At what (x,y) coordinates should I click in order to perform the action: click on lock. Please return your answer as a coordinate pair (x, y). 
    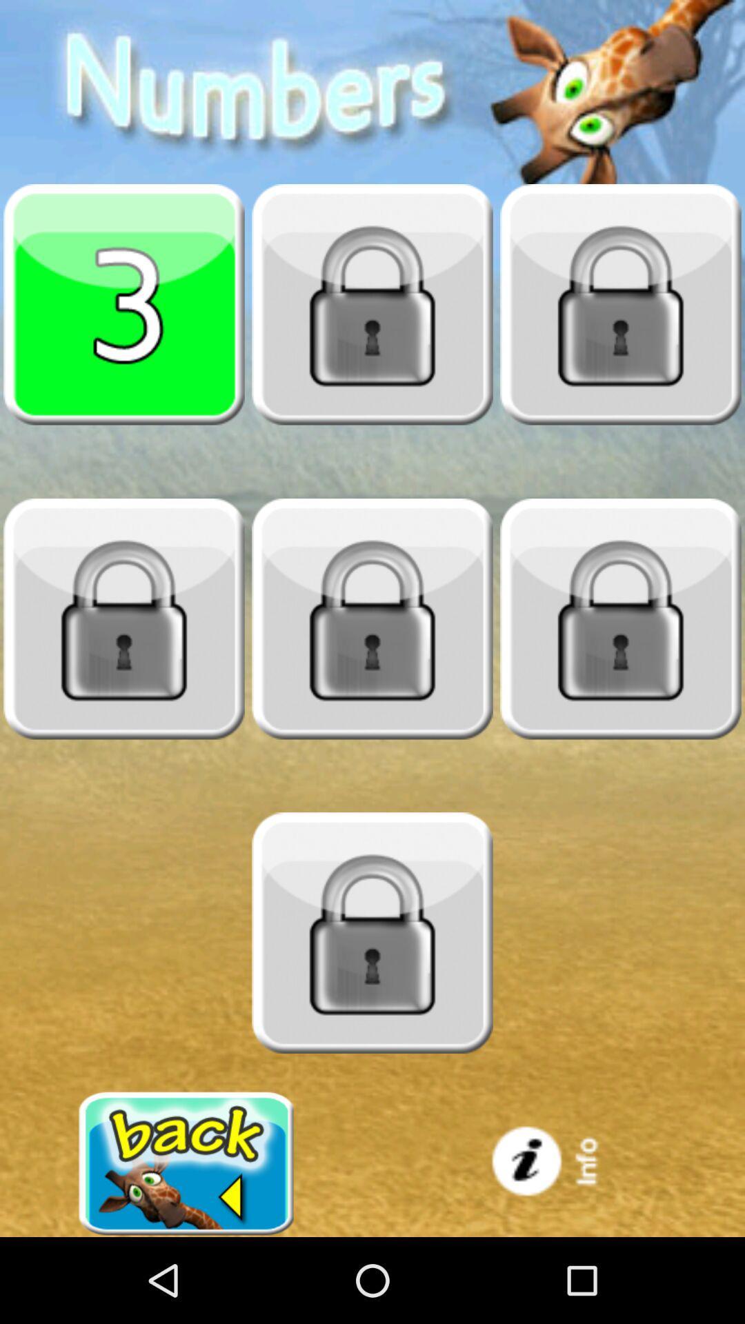
    Looking at the image, I should click on (372, 618).